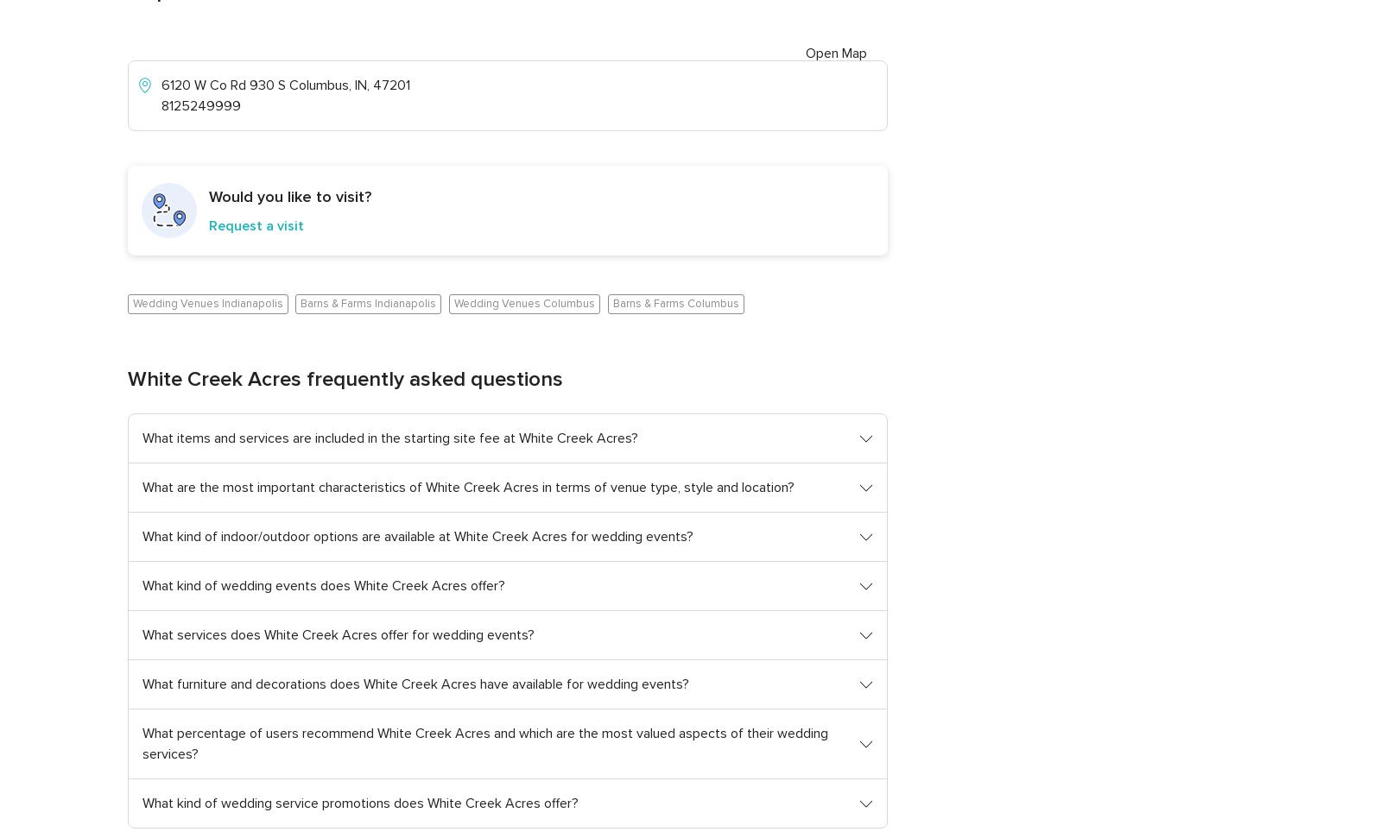  Describe the element at coordinates (132, 303) in the screenshot. I see `'Wedding Venues Indianapolis'` at that location.